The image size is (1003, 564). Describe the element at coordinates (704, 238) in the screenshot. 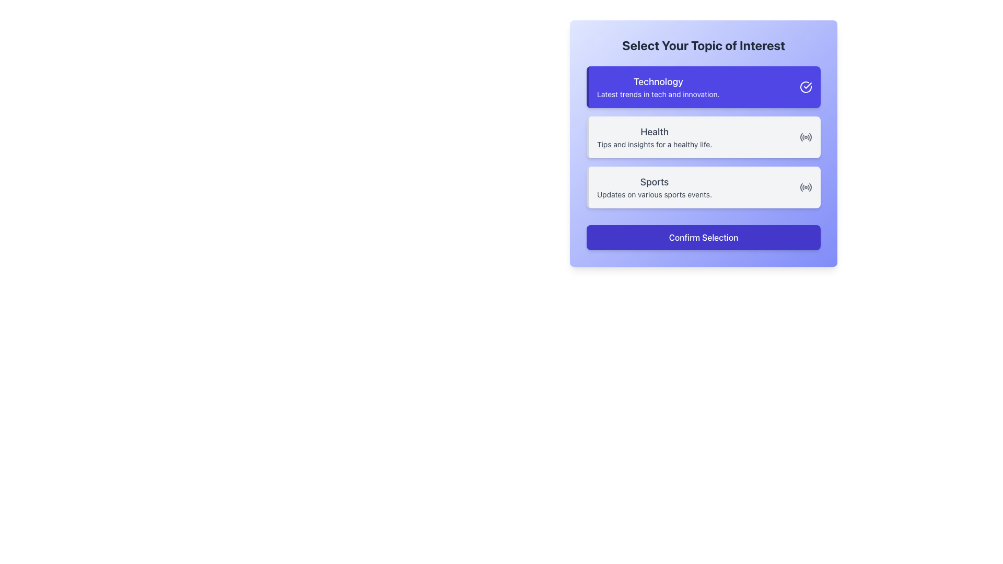

I see `the purple 'Confirm Selection' button located at the bottom of the card to confirm the selection` at that location.